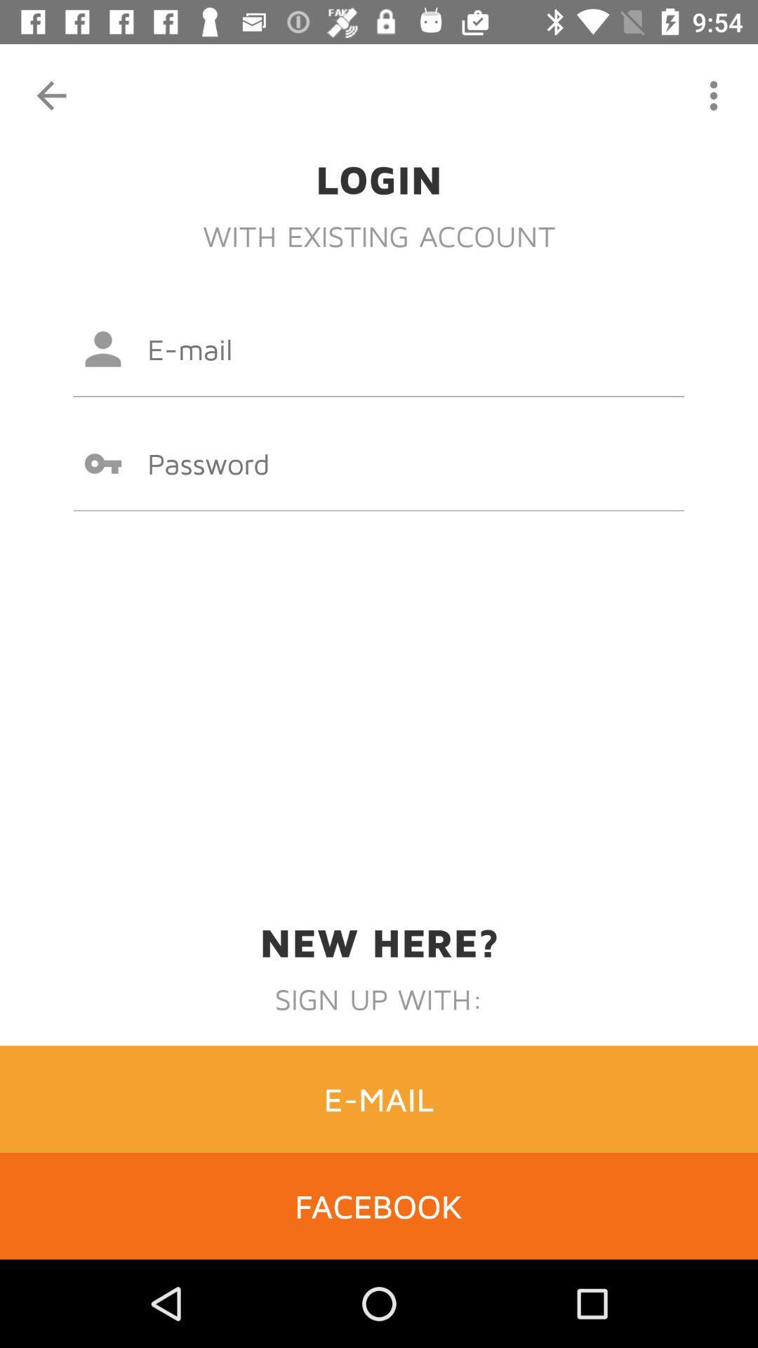 The width and height of the screenshot is (758, 1348). Describe the element at coordinates (51, 95) in the screenshot. I see `item above login icon` at that location.